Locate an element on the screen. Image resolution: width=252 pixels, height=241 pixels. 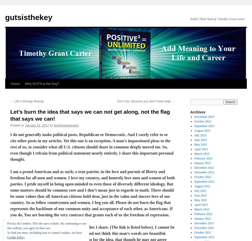
'December 2022' is located at coordinates (194, 167).